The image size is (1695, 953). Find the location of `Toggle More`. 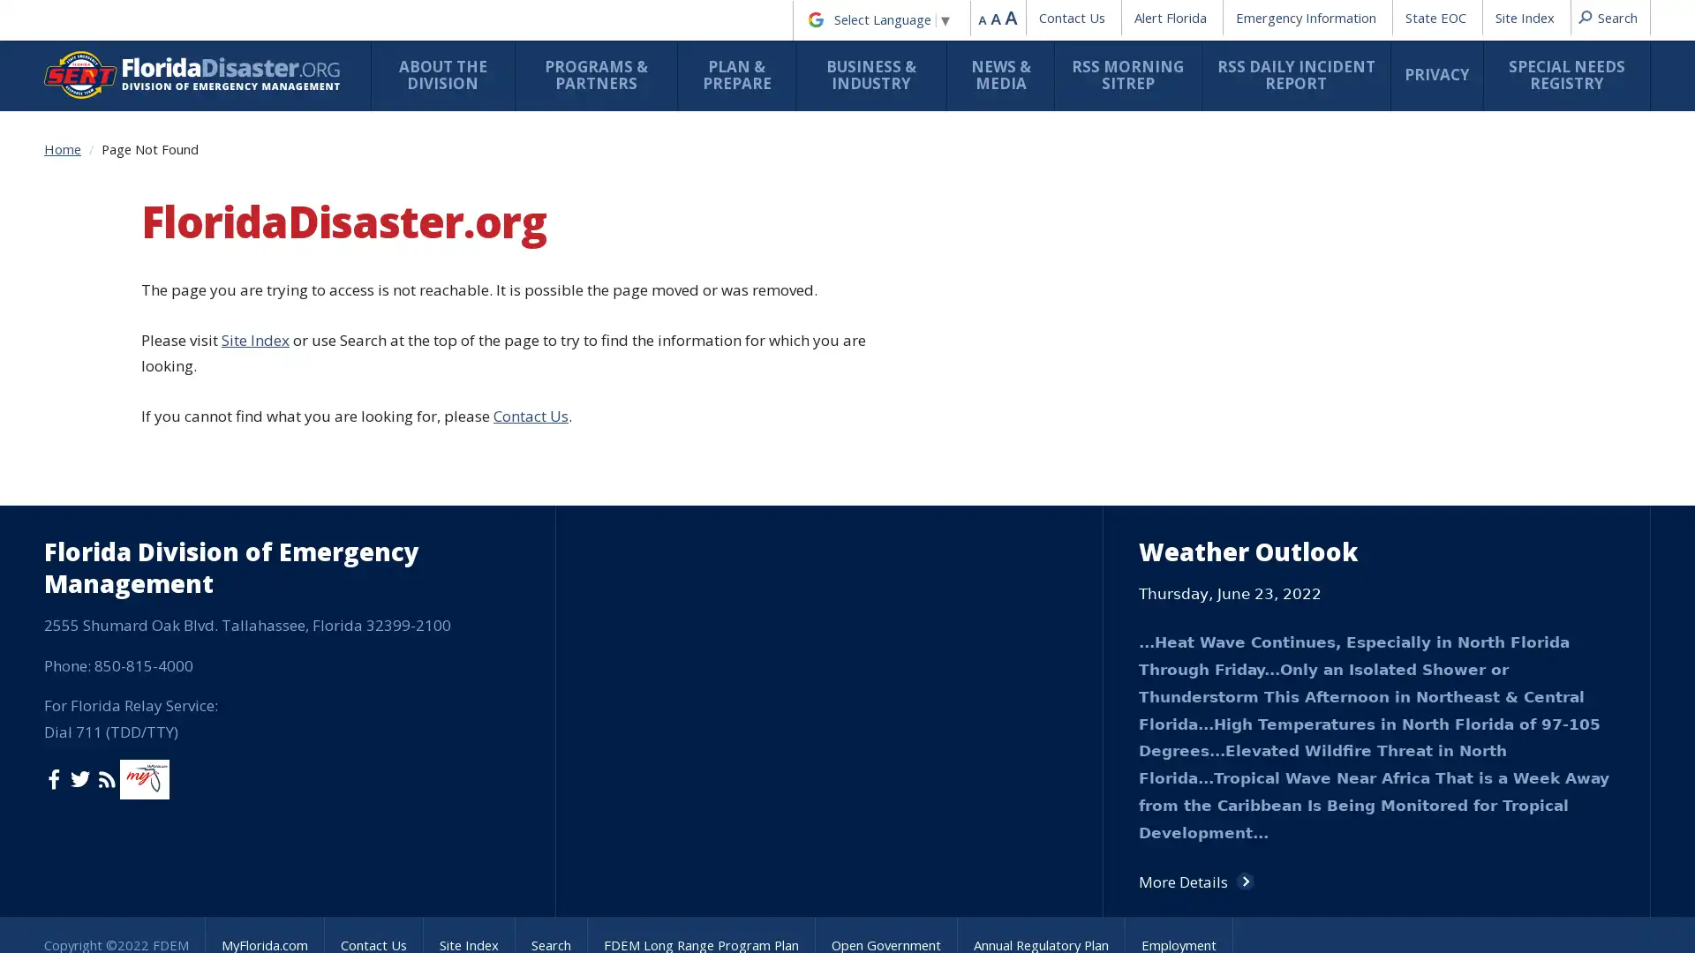

Toggle More is located at coordinates (837, 354).